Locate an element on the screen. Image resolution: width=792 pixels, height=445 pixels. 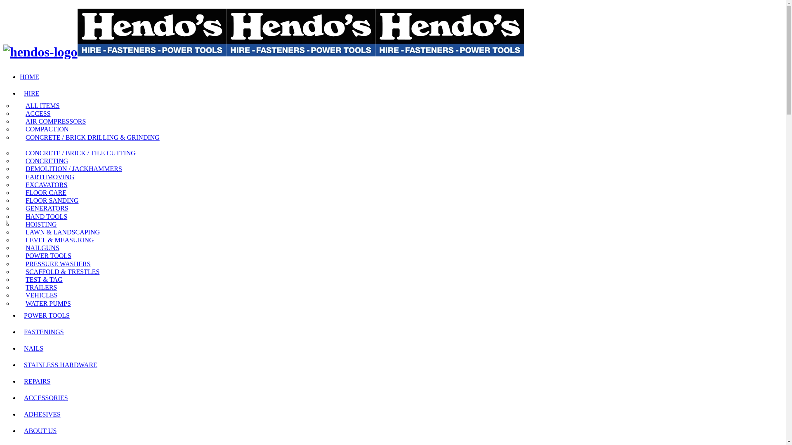
'HOME' is located at coordinates (31, 77).